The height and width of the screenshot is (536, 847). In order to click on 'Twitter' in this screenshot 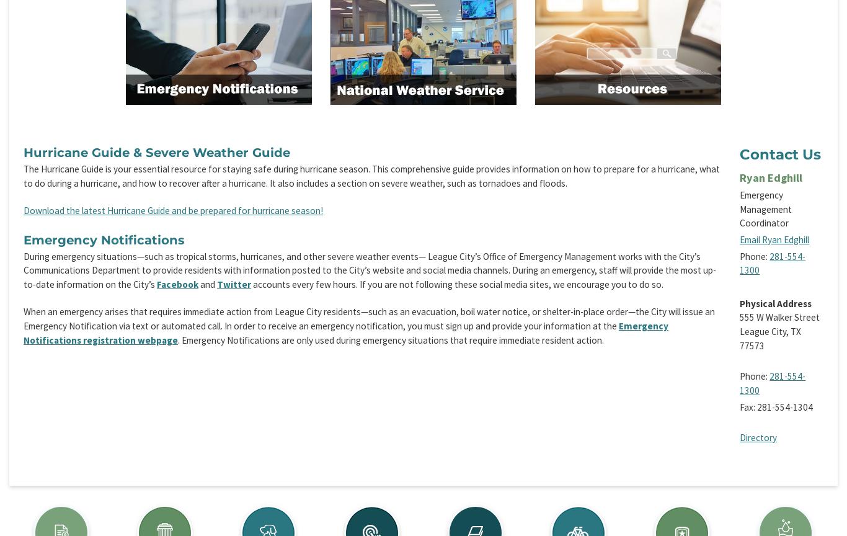, I will do `click(233, 284)`.